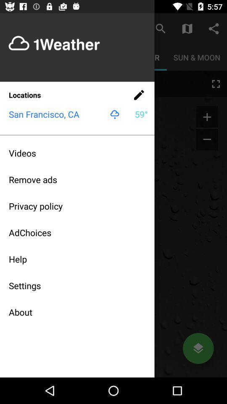 This screenshot has width=227, height=404. I want to click on the layers icon, so click(198, 348).